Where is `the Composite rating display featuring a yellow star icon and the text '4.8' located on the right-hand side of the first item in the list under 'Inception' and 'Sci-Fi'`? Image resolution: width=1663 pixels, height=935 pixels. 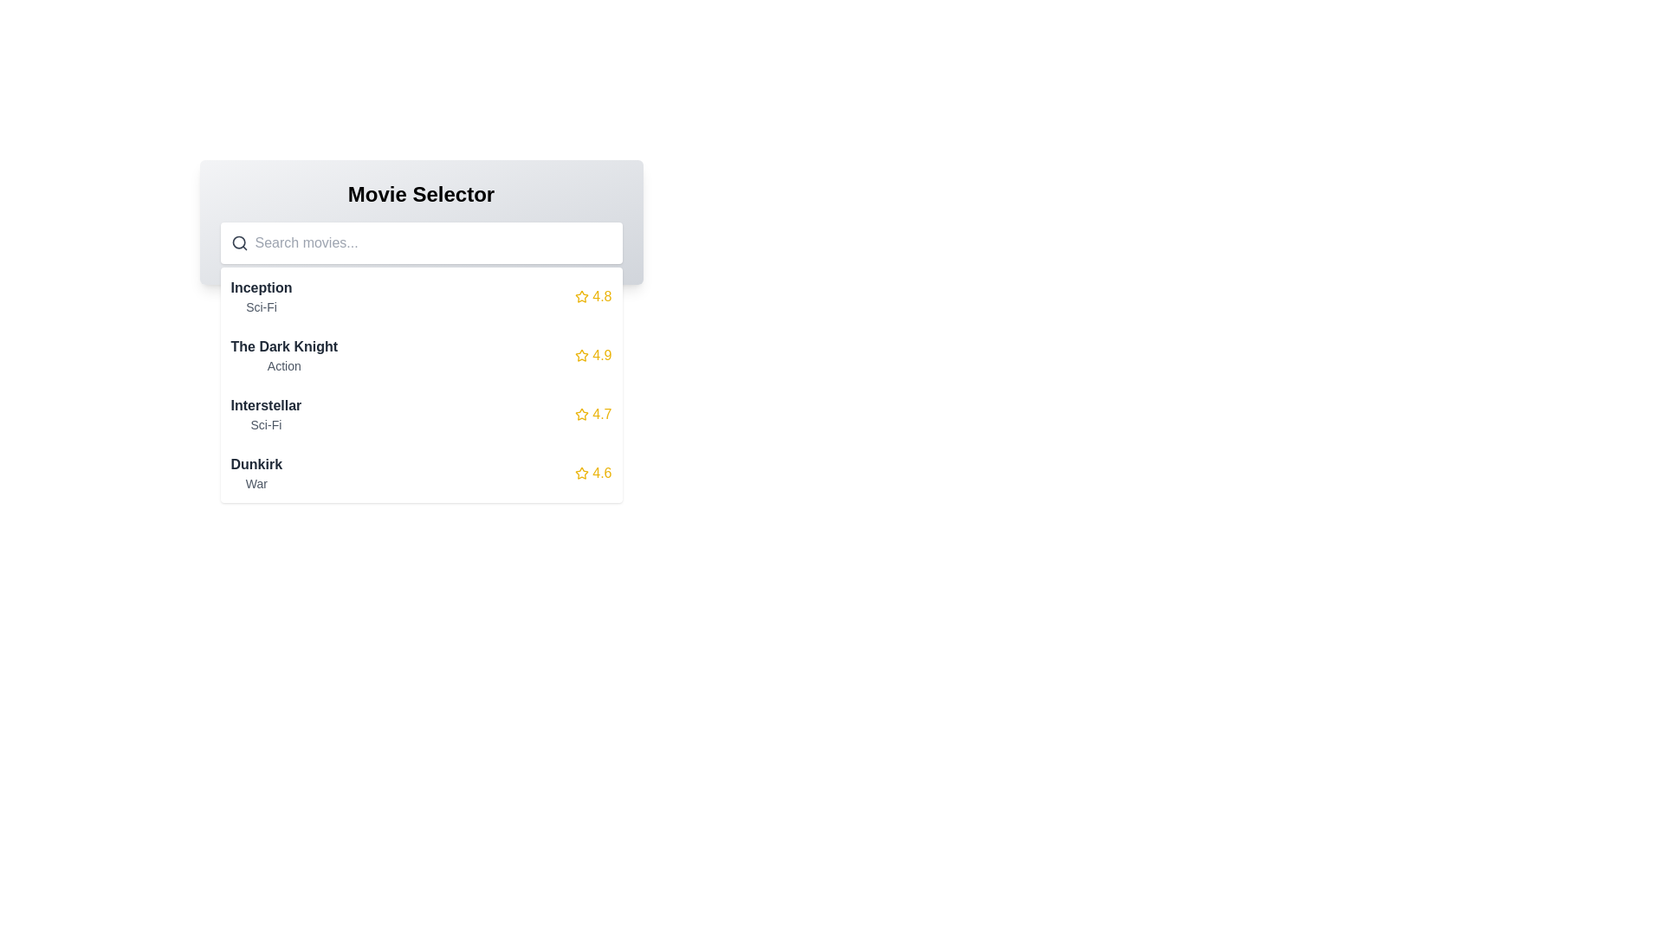 the Composite rating display featuring a yellow star icon and the text '4.8' located on the right-hand side of the first item in the list under 'Inception' and 'Sci-Fi' is located at coordinates (593, 296).